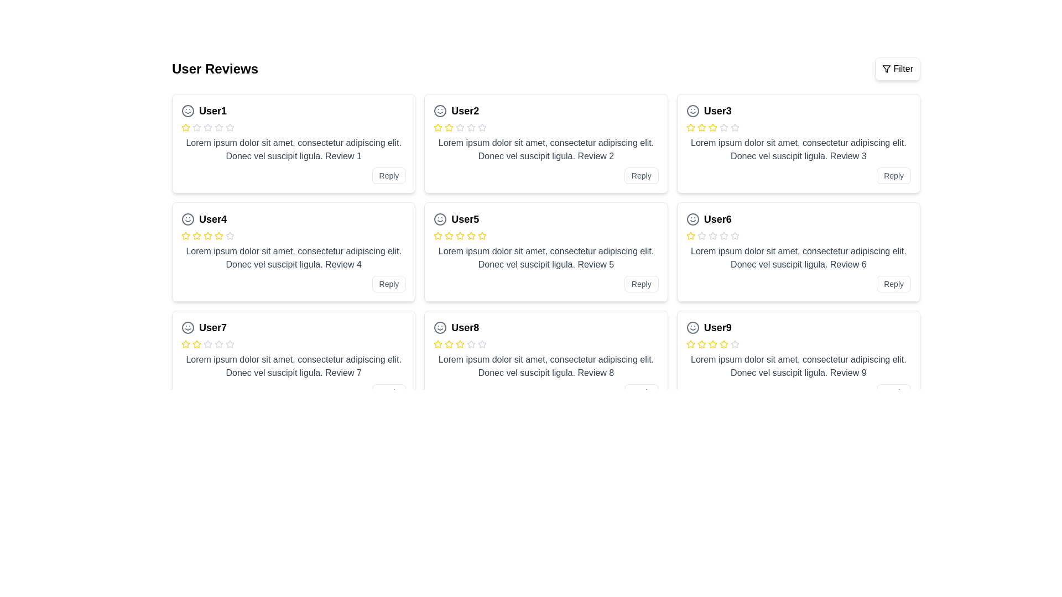  Describe the element at coordinates (188, 327) in the screenshot. I see `the SVG circle element that serves as the background for the face illustration in the avatar icon for 'User7'` at that location.